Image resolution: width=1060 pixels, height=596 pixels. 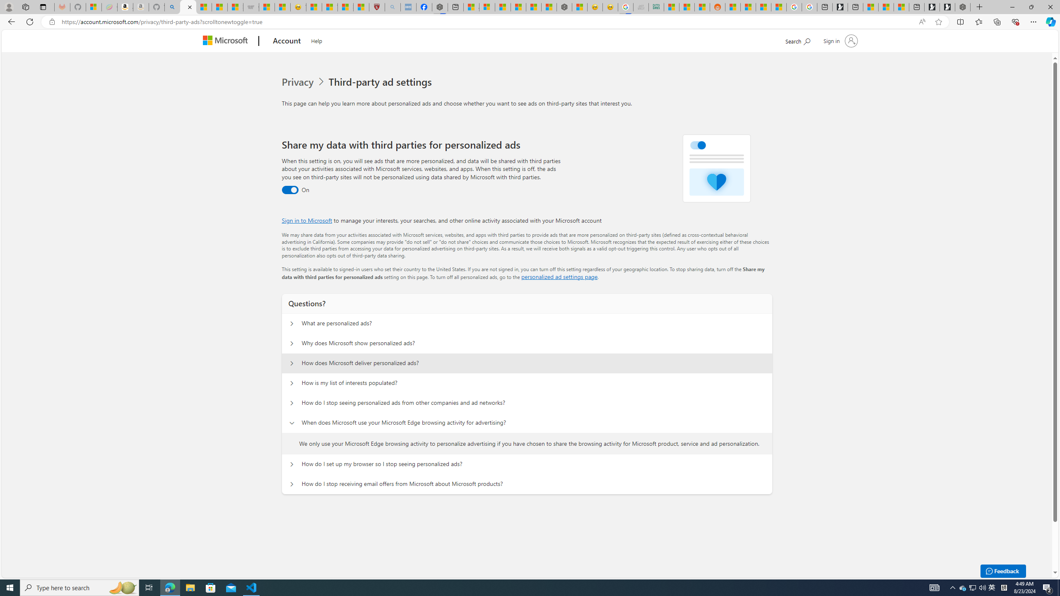 I want to click on 'personalized ad settings page', so click(x=559, y=276).